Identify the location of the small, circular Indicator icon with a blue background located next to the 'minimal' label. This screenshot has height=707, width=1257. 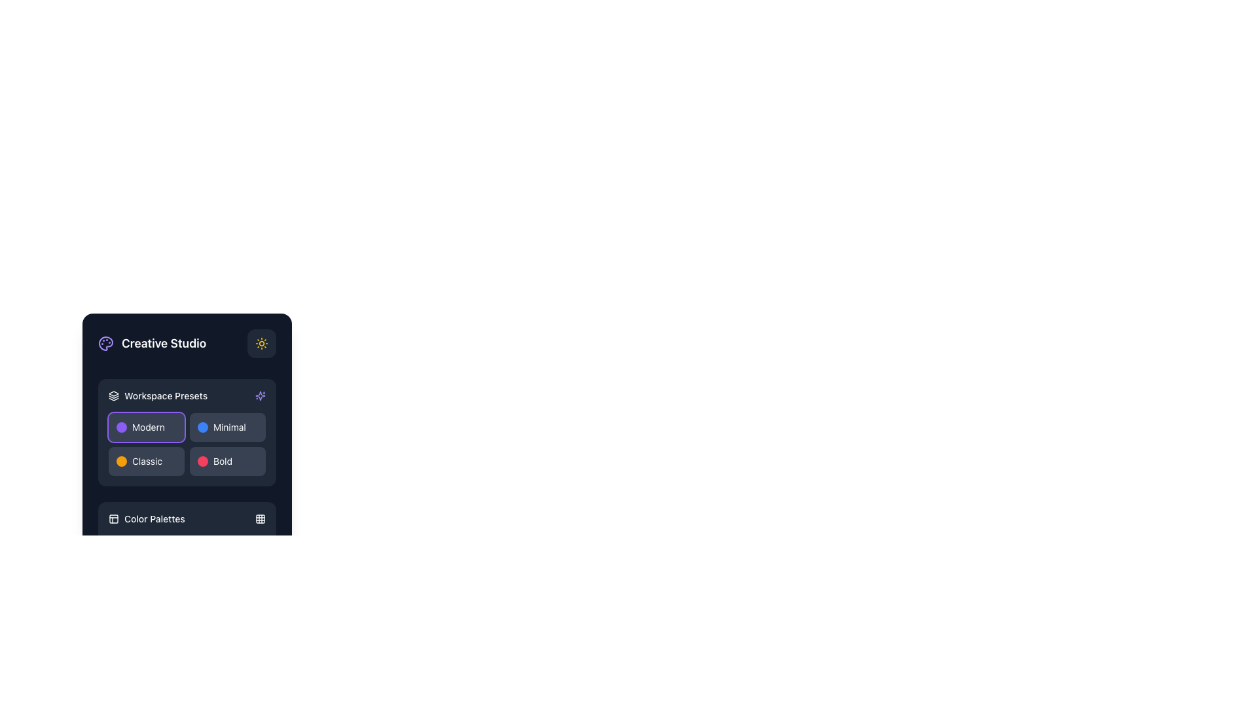
(202, 427).